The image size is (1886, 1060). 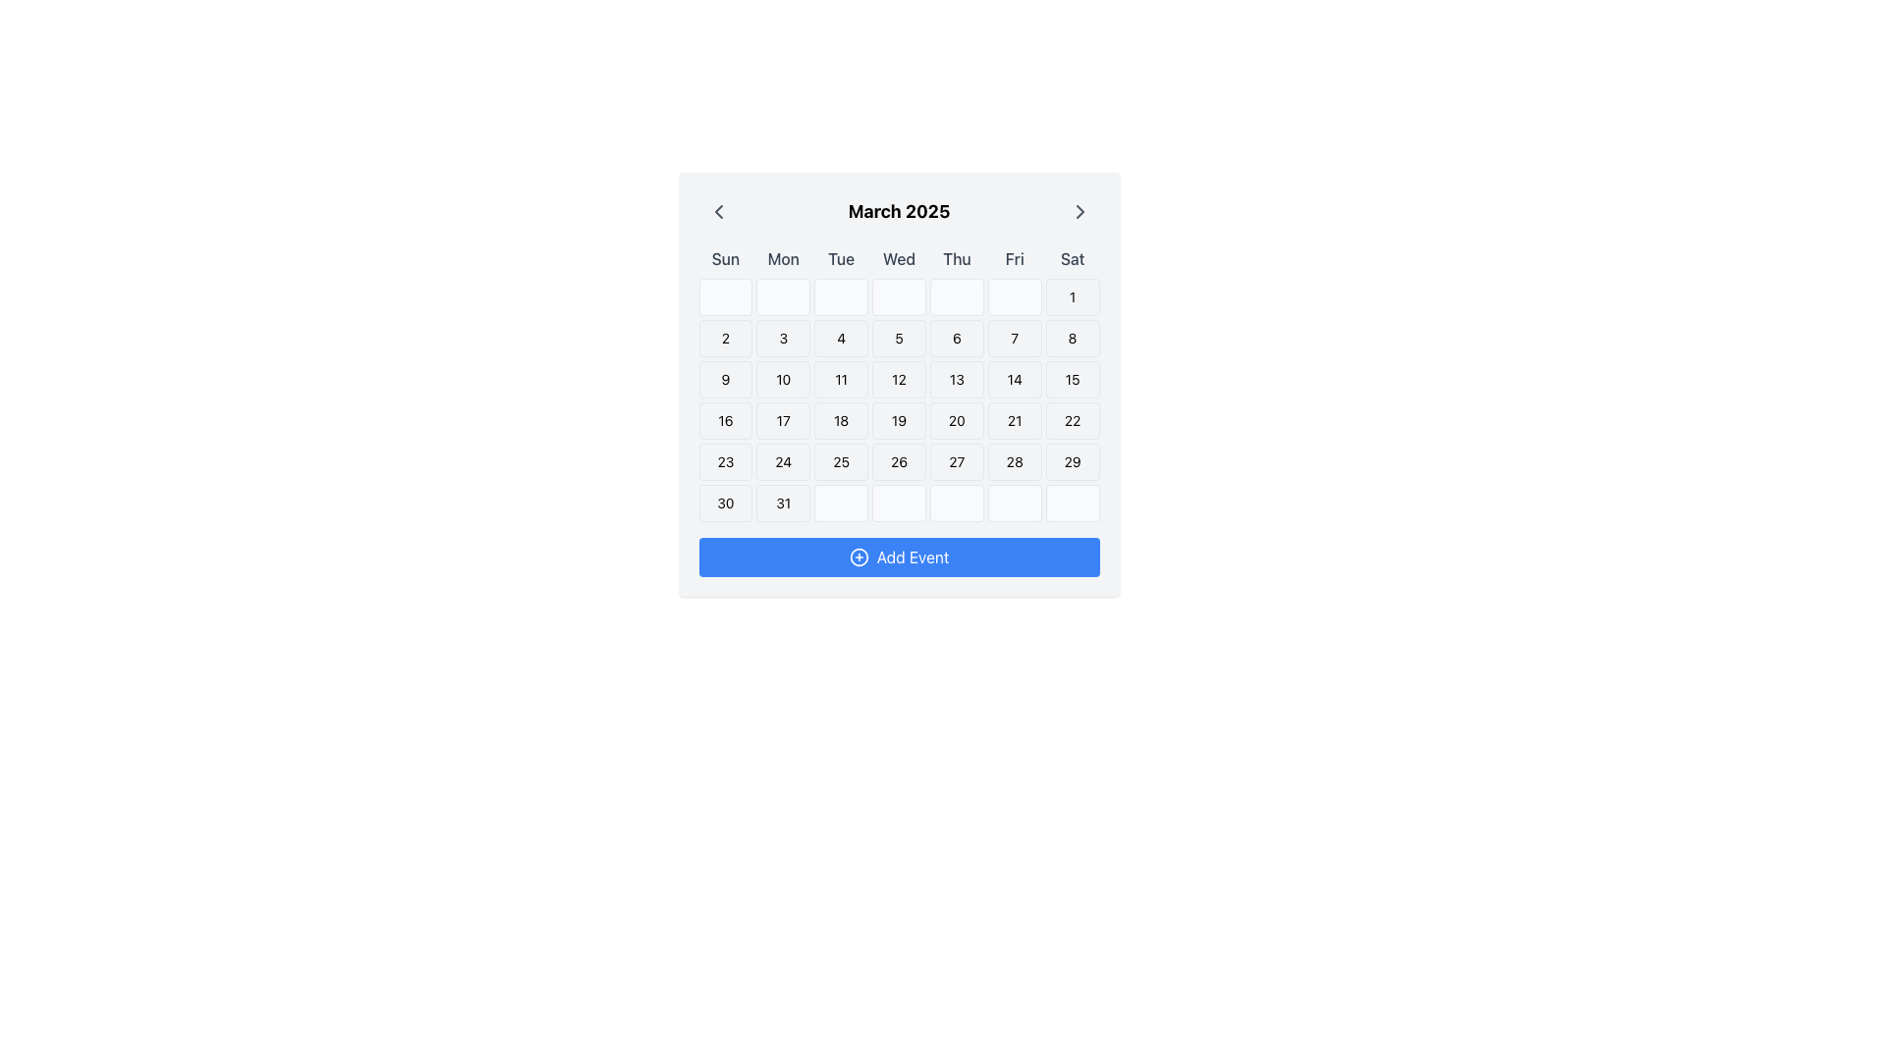 I want to click on the grid cell located in the first row and sixth column of the calendar grid, so click(x=1015, y=297).